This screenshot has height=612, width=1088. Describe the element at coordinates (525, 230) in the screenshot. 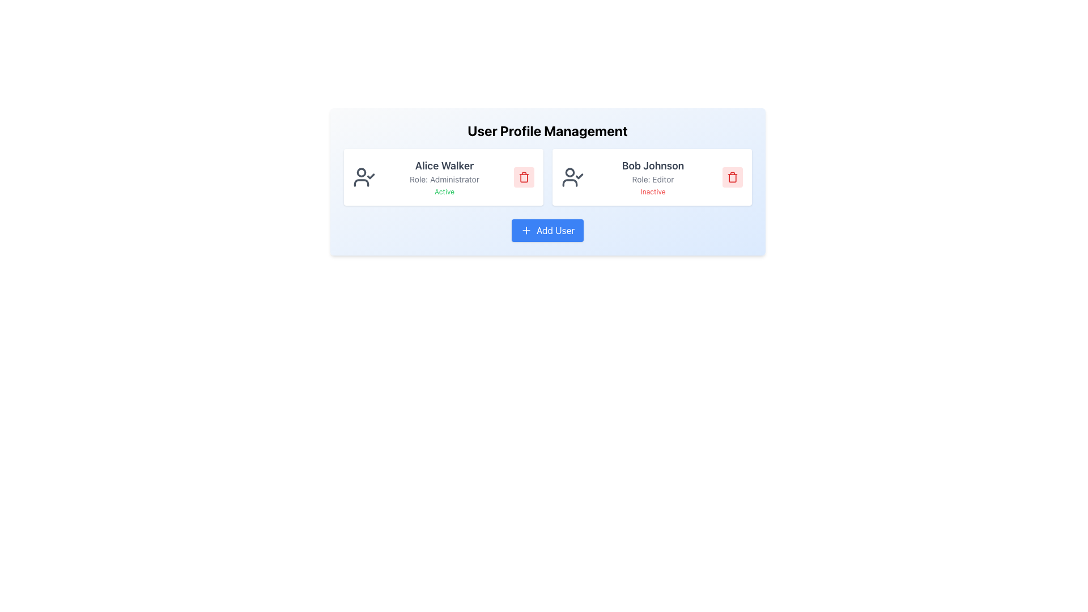

I see `the icon in the center of the blue 'Add User' button located at the bottom center of the user profile management card` at that location.